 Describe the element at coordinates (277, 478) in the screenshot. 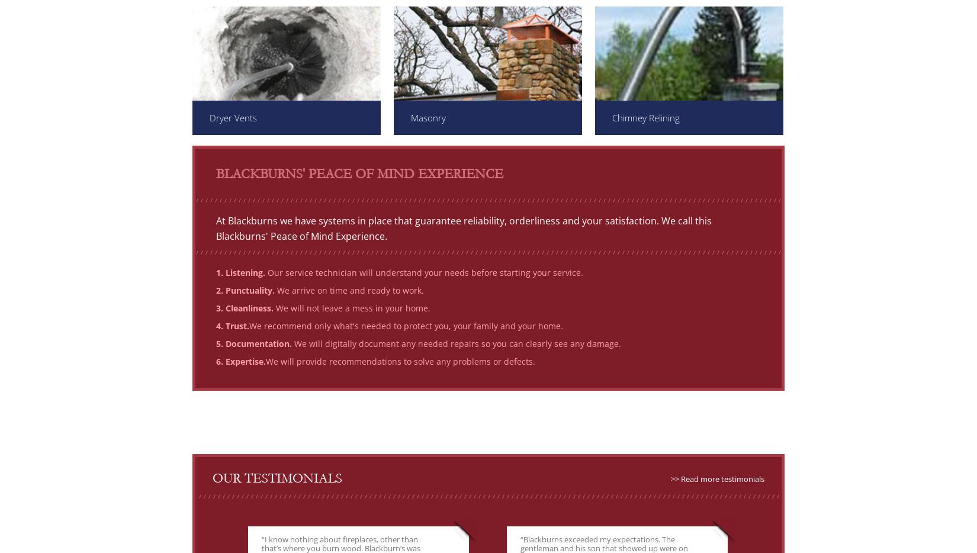

I see `'Our Testimonials'` at that location.